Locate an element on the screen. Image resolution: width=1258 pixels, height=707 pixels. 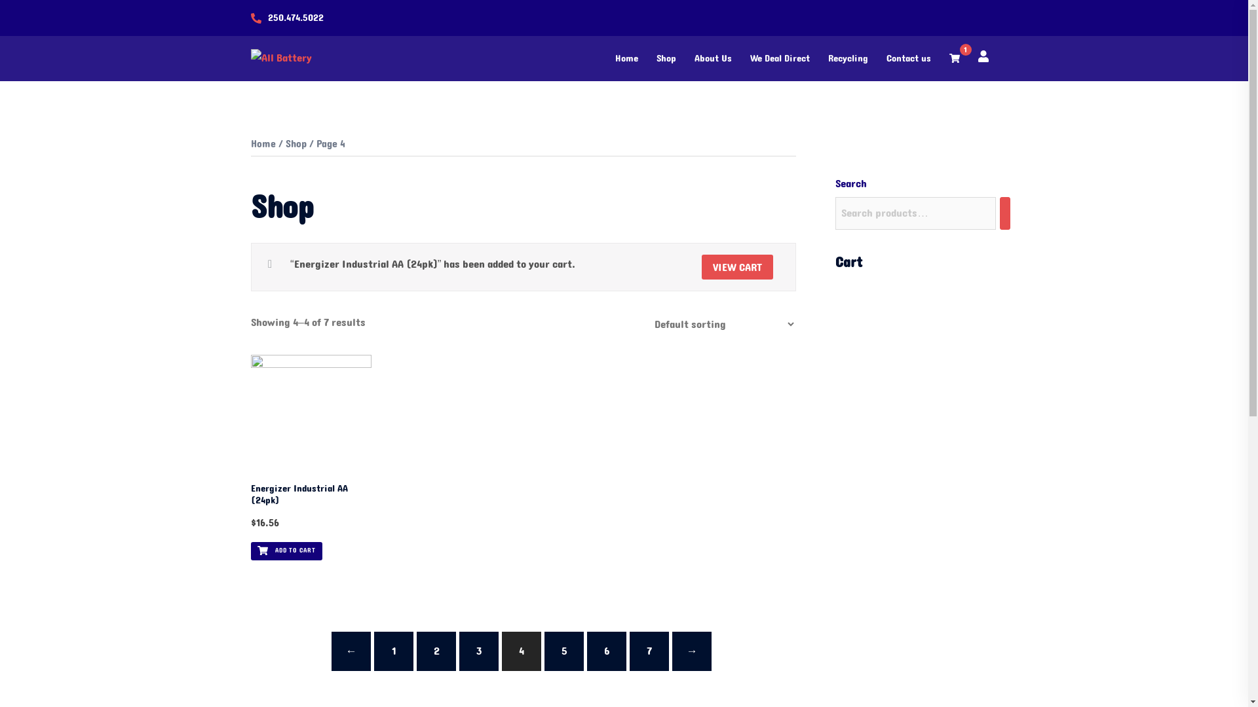
'Home' is located at coordinates (625, 58).